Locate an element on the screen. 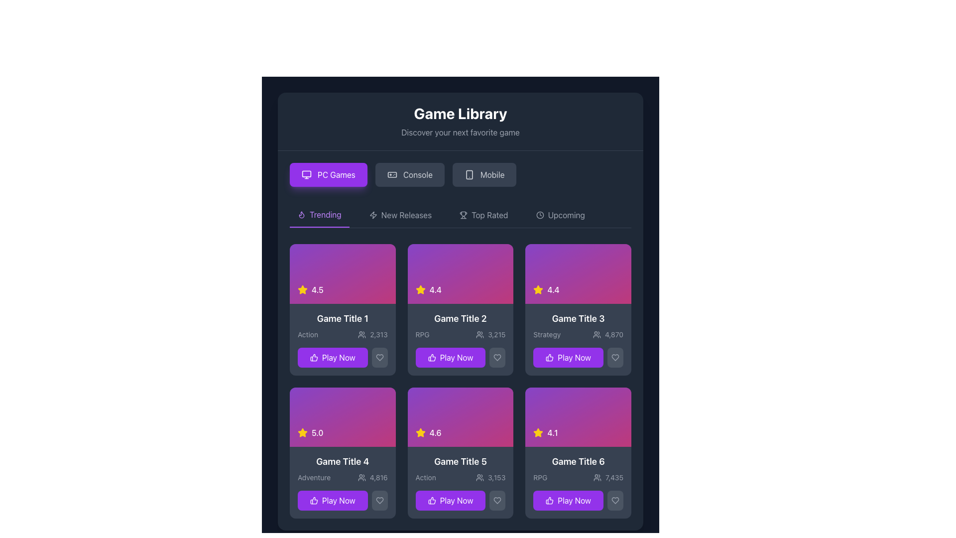 This screenshot has width=956, height=538. the circular button with a heart icon located at the bottom-right corner of the 'Game Title 6' card is located at coordinates (615, 501).